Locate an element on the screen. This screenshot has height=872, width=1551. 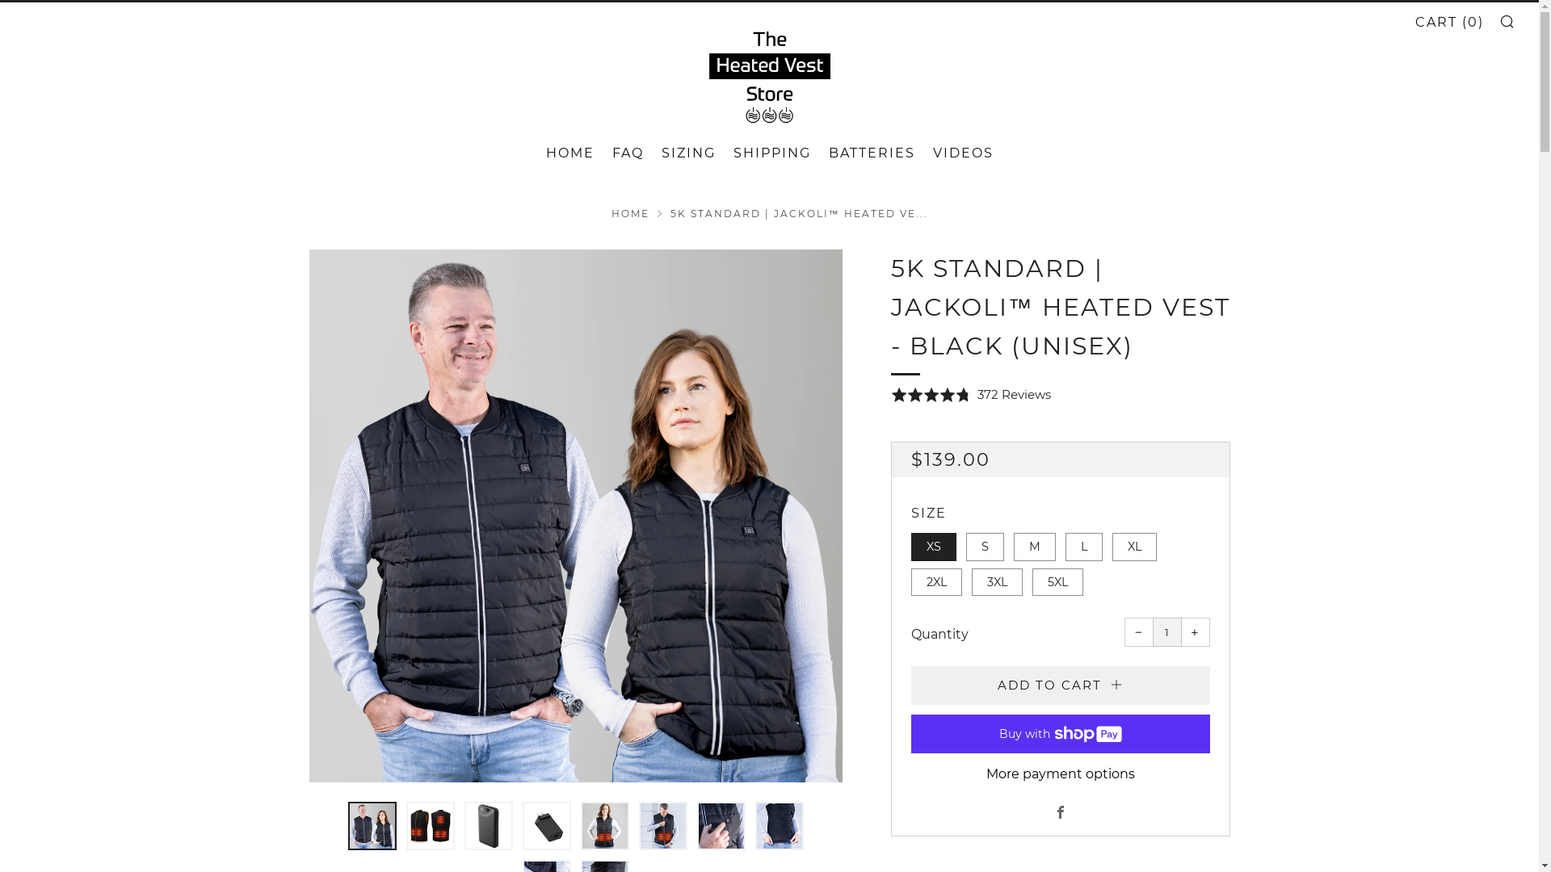
'CART (0)' is located at coordinates (1449, 22).